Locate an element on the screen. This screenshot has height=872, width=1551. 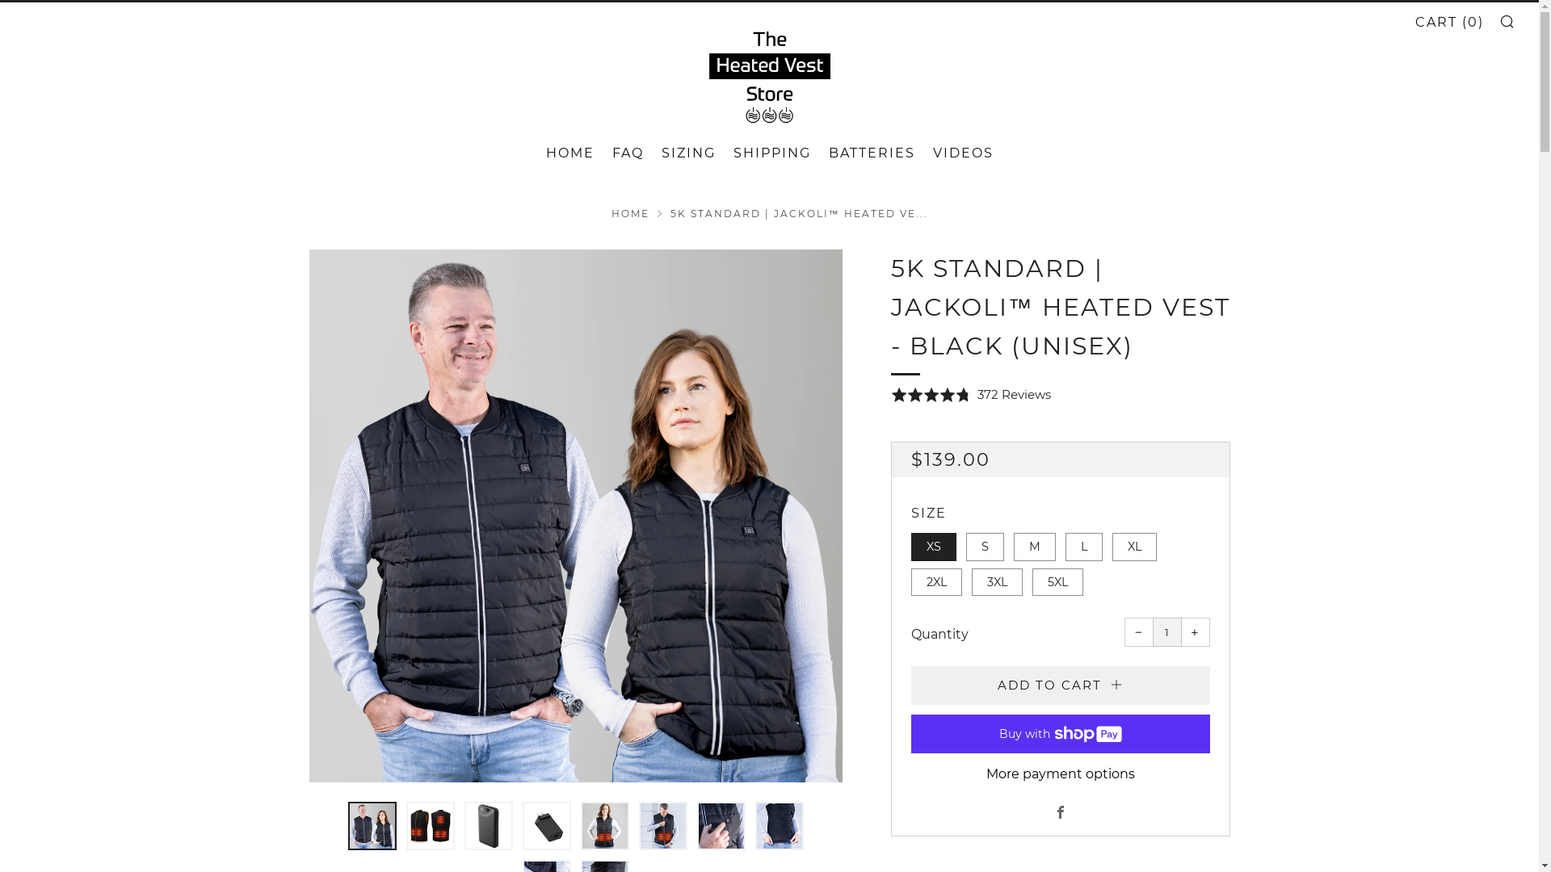
'CART (0)' is located at coordinates (1449, 22).